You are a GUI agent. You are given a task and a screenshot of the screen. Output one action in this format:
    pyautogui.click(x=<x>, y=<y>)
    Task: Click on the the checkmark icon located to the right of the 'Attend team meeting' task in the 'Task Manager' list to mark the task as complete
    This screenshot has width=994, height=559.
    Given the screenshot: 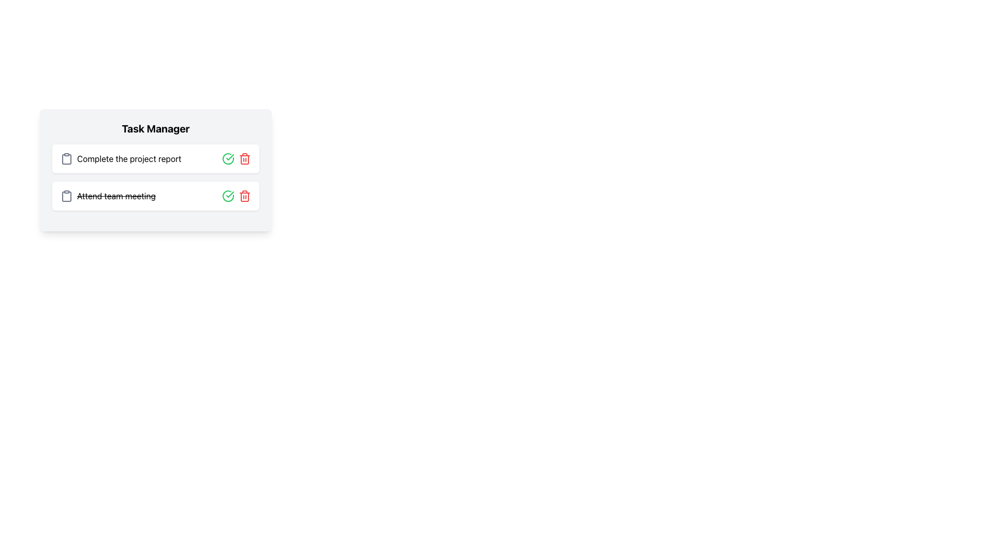 What is the action you would take?
    pyautogui.click(x=229, y=157)
    